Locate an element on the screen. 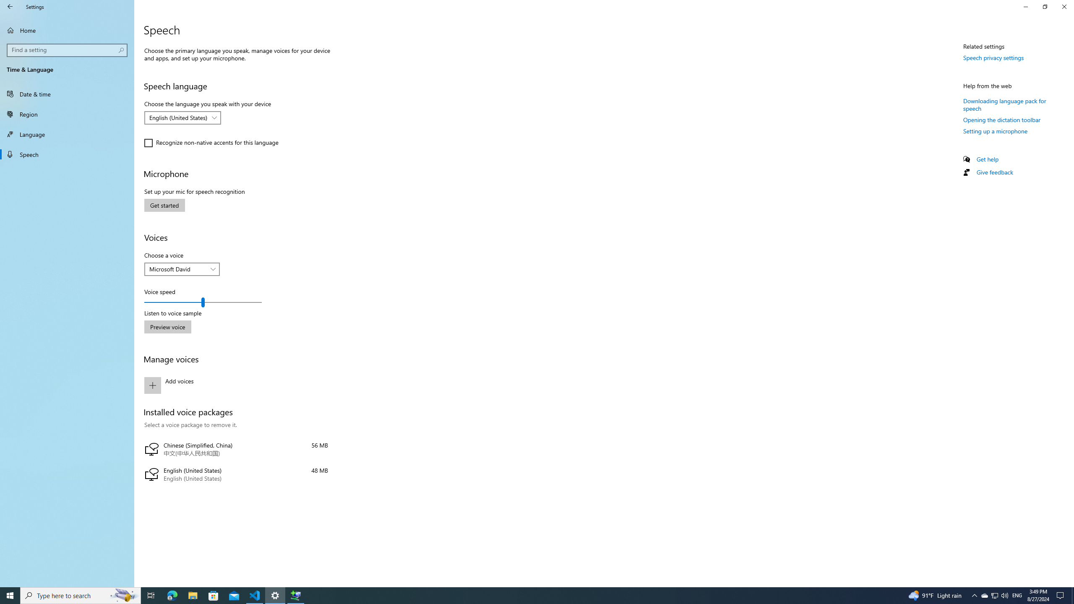 Image resolution: width=1074 pixels, height=604 pixels. 'Choose a voice' is located at coordinates (181, 269).